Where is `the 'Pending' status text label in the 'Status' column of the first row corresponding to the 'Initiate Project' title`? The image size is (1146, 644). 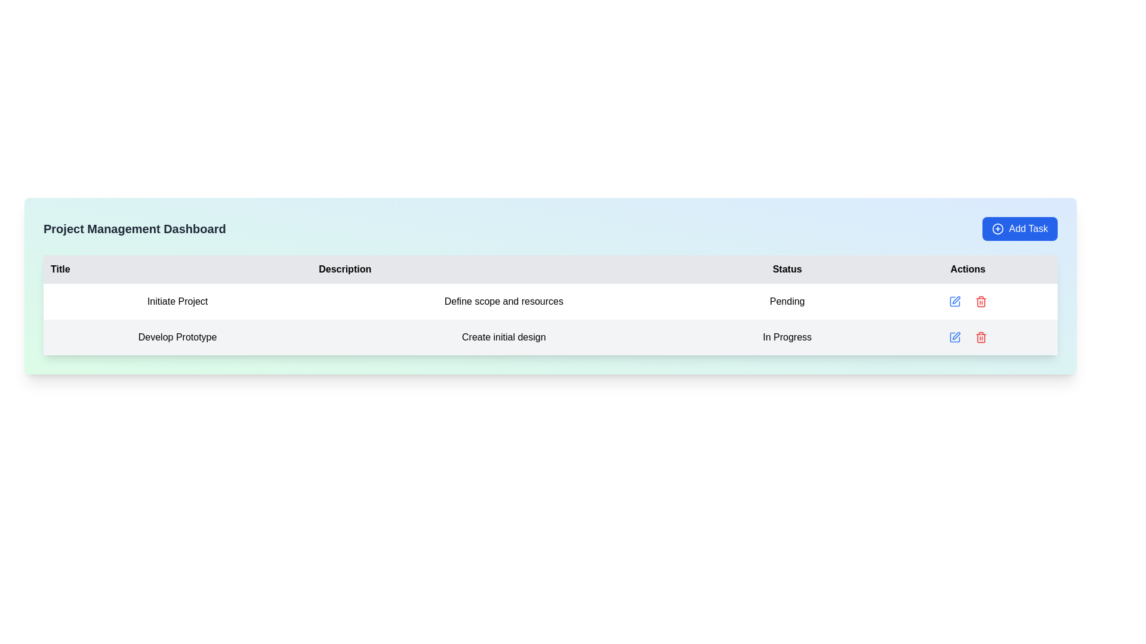
the 'Pending' status text label in the 'Status' column of the first row corresponding to the 'Initiate Project' title is located at coordinates (787, 301).